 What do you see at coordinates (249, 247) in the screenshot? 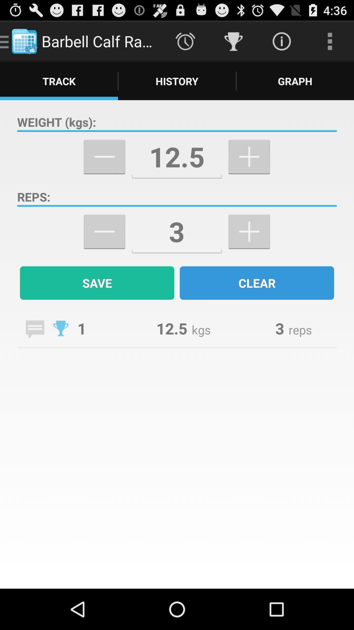
I see `the add icon` at bounding box center [249, 247].